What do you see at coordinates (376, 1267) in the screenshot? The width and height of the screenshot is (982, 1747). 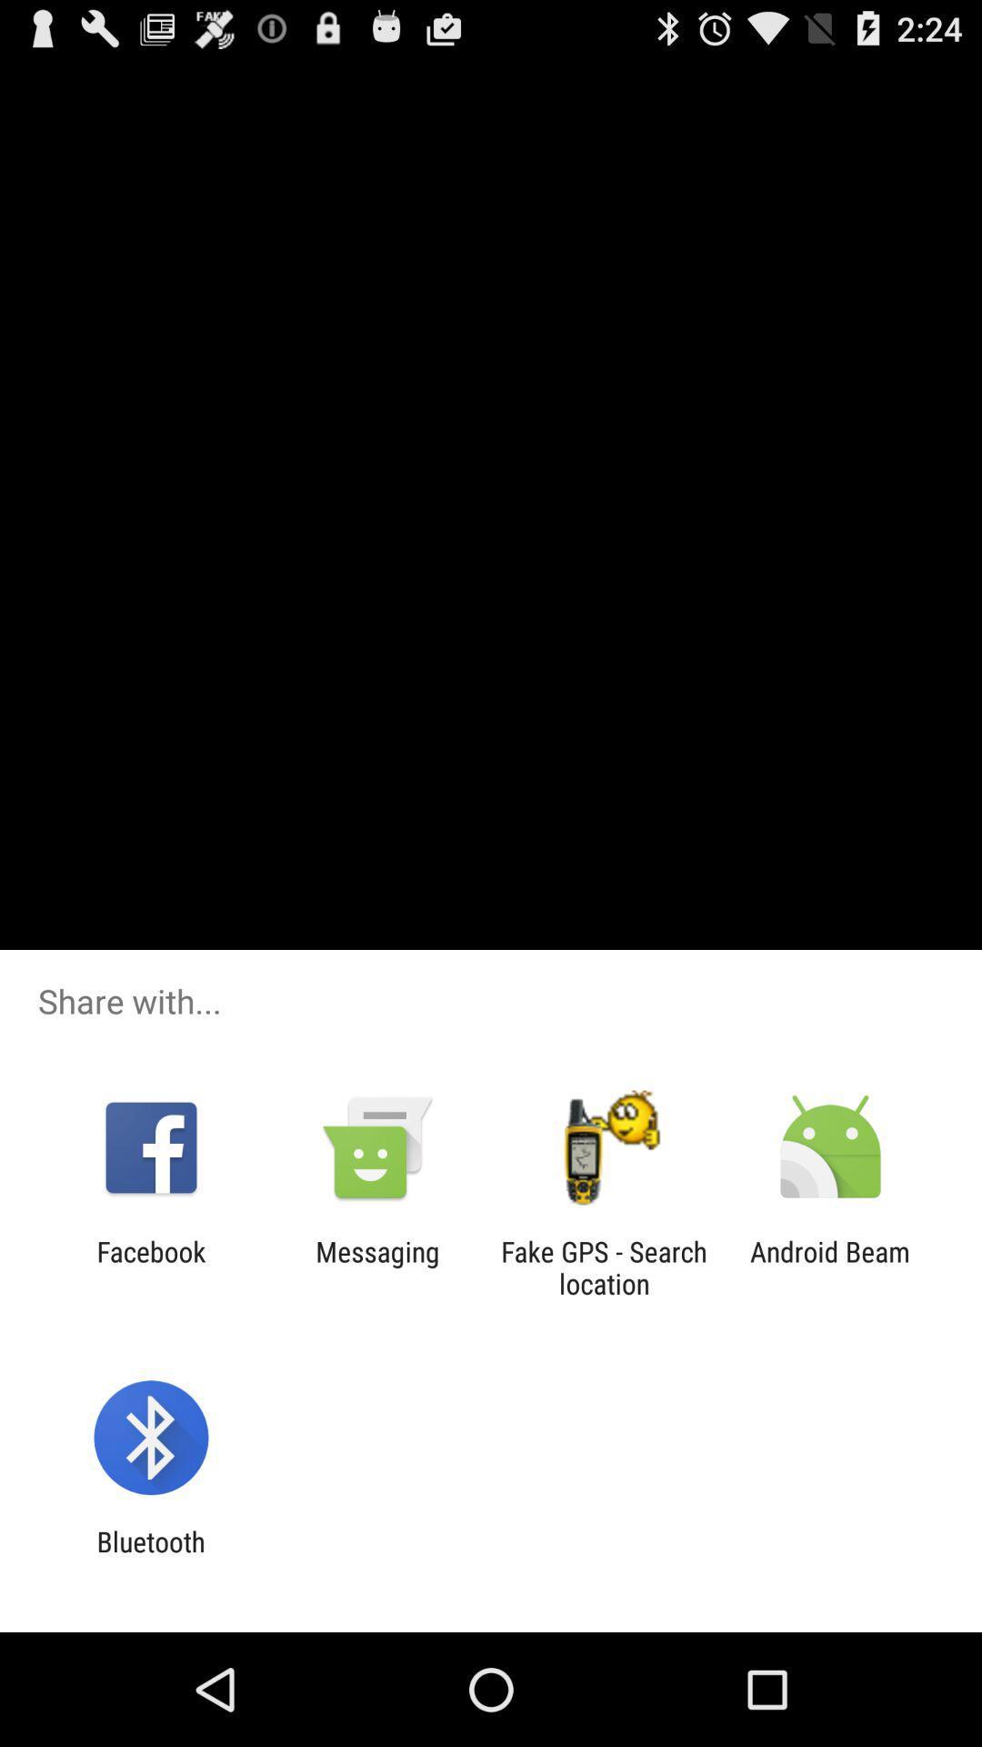 I see `the item to the left of the fake gps search app` at bounding box center [376, 1267].